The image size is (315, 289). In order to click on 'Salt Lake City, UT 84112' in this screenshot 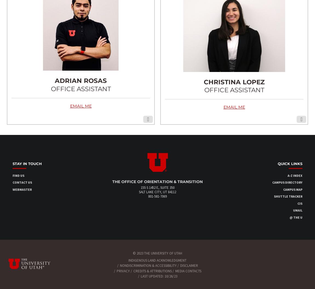, I will do `click(157, 192)`.